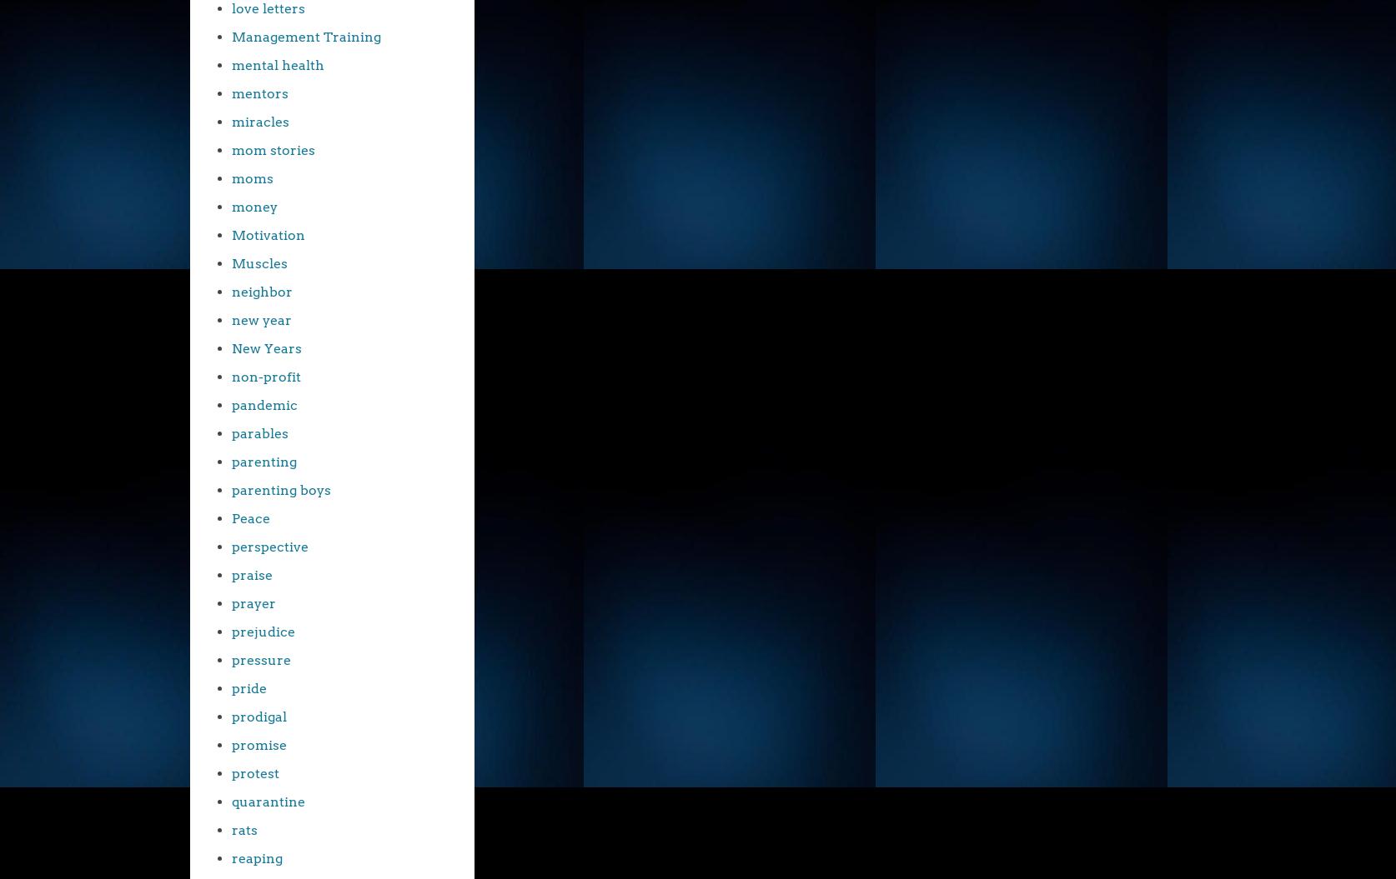 The width and height of the screenshot is (1396, 879). Describe the element at coordinates (262, 320) in the screenshot. I see `'new year'` at that location.